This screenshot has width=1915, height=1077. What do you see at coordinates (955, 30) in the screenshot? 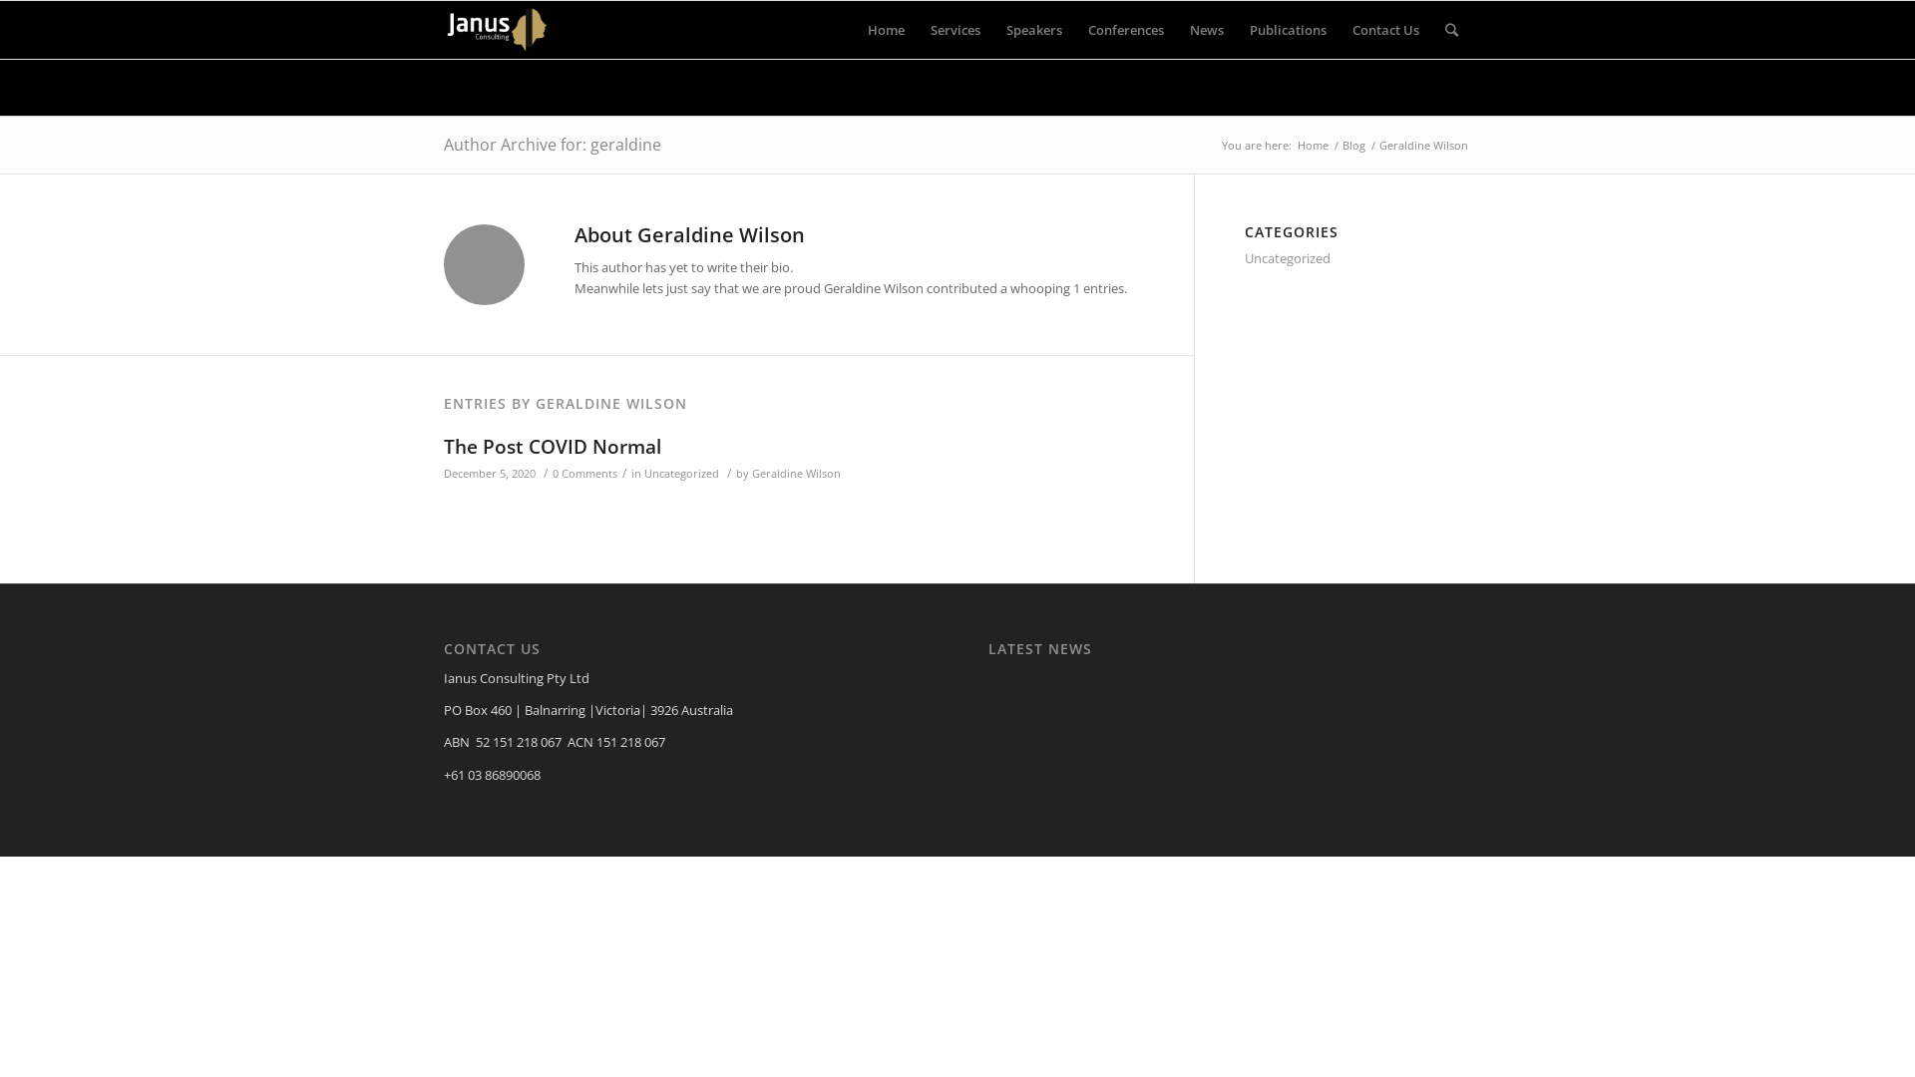
I see `'Services'` at bounding box center [955, 30].